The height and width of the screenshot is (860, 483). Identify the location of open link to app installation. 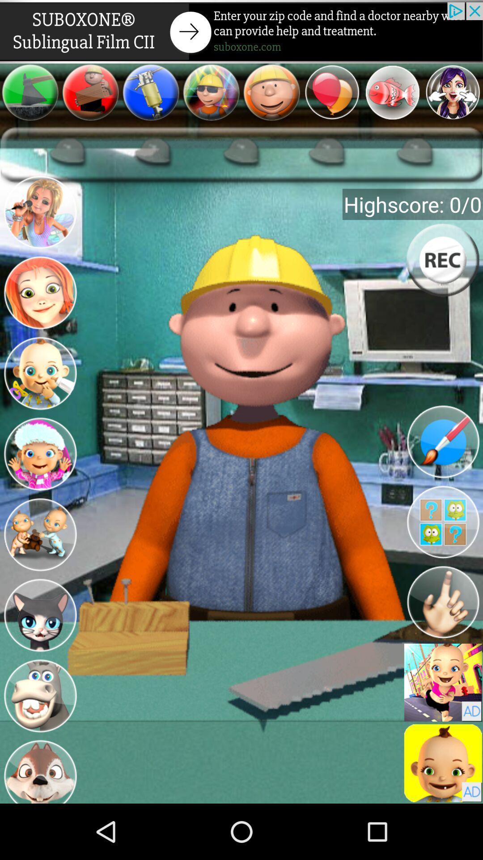
(443, 763).